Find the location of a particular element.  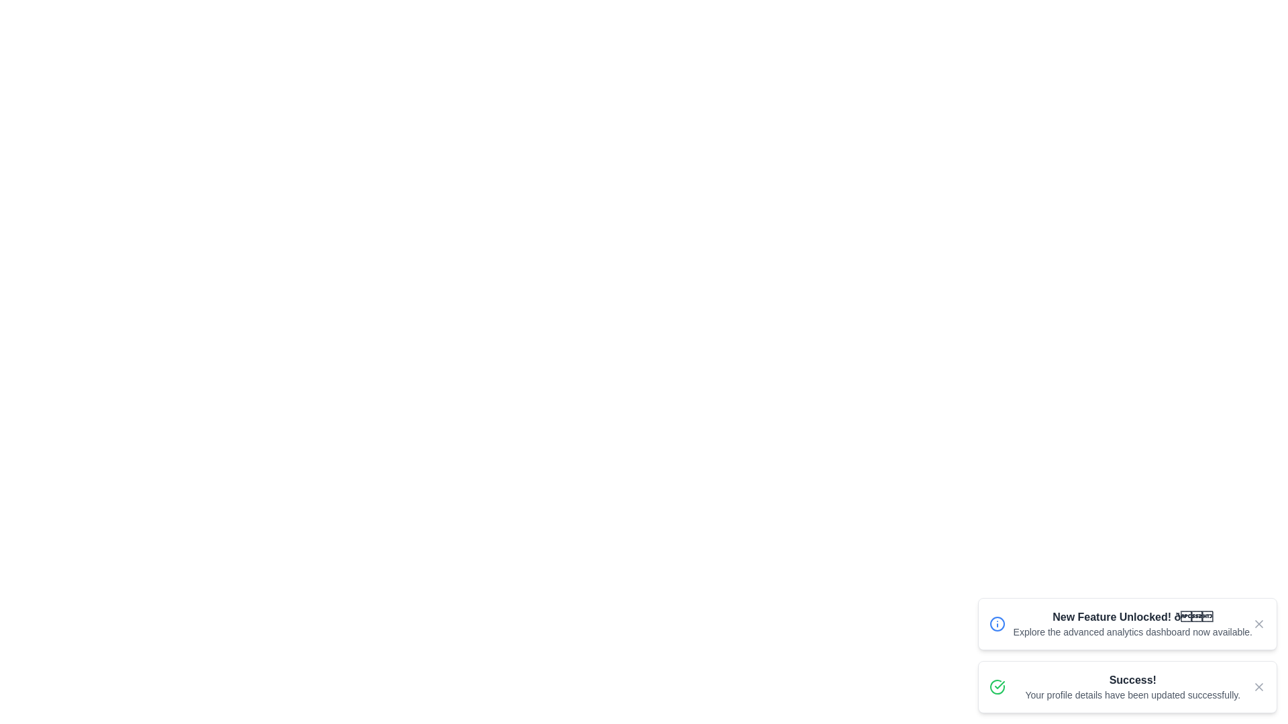

the close button of the first notification is located at coordinates (1258, 623).